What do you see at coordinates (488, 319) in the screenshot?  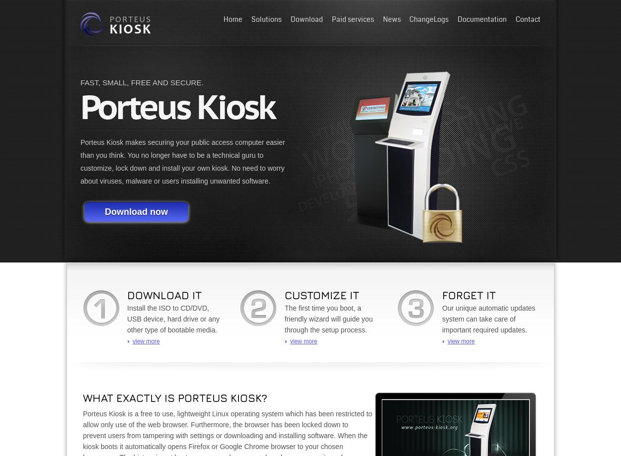 I see `'Our unique automatic updates system can take care of important required updates.'` at bounding box center [488, 319].